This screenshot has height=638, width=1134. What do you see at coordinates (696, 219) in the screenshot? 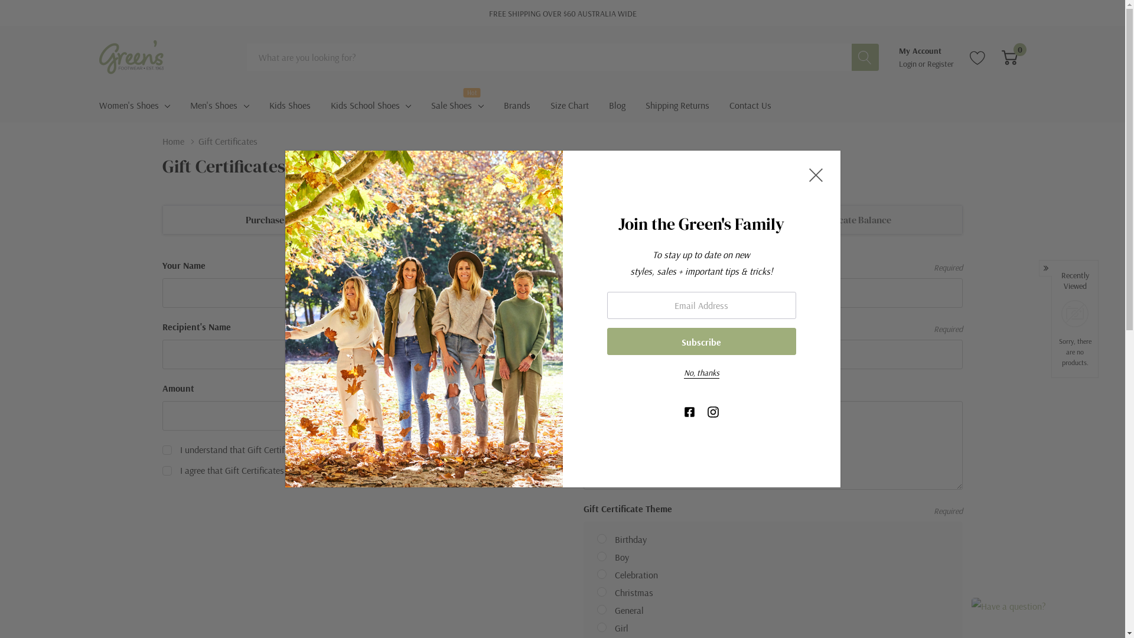
I see `'Check Gift Certificate Balance'` at bounding box center [696, 219].